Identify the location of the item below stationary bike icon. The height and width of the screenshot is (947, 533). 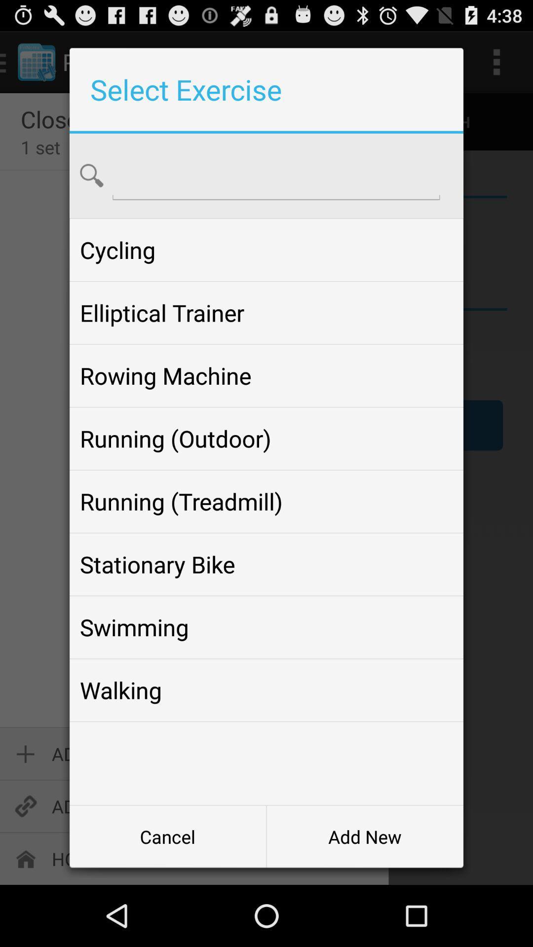
(266, 627).